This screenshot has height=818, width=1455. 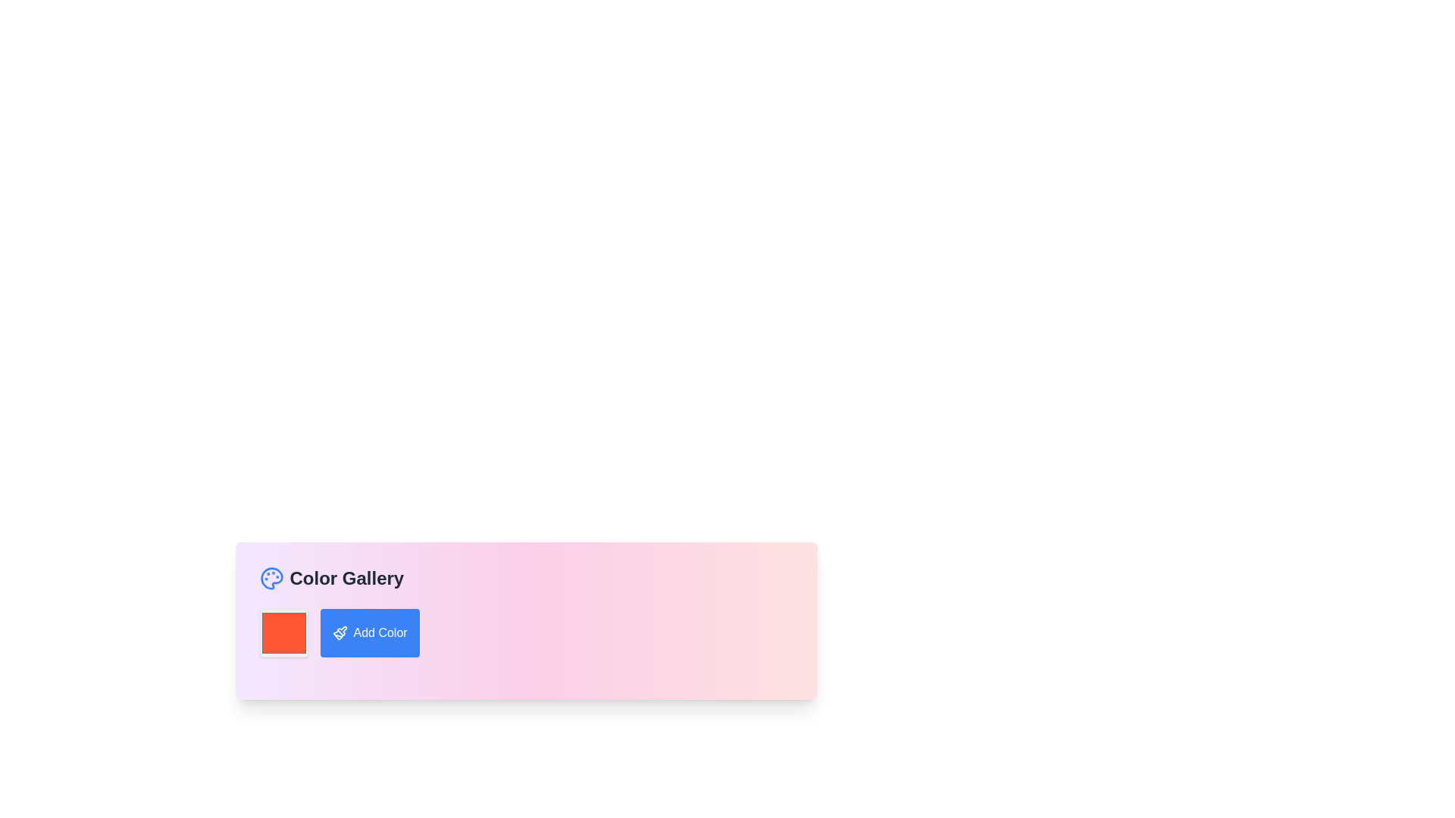 What do you see at coordinates (370, 633) in the screenshot?
I see `the rectangular blue button with white text and a paintbrush icon` at bounding box center [370, 633].